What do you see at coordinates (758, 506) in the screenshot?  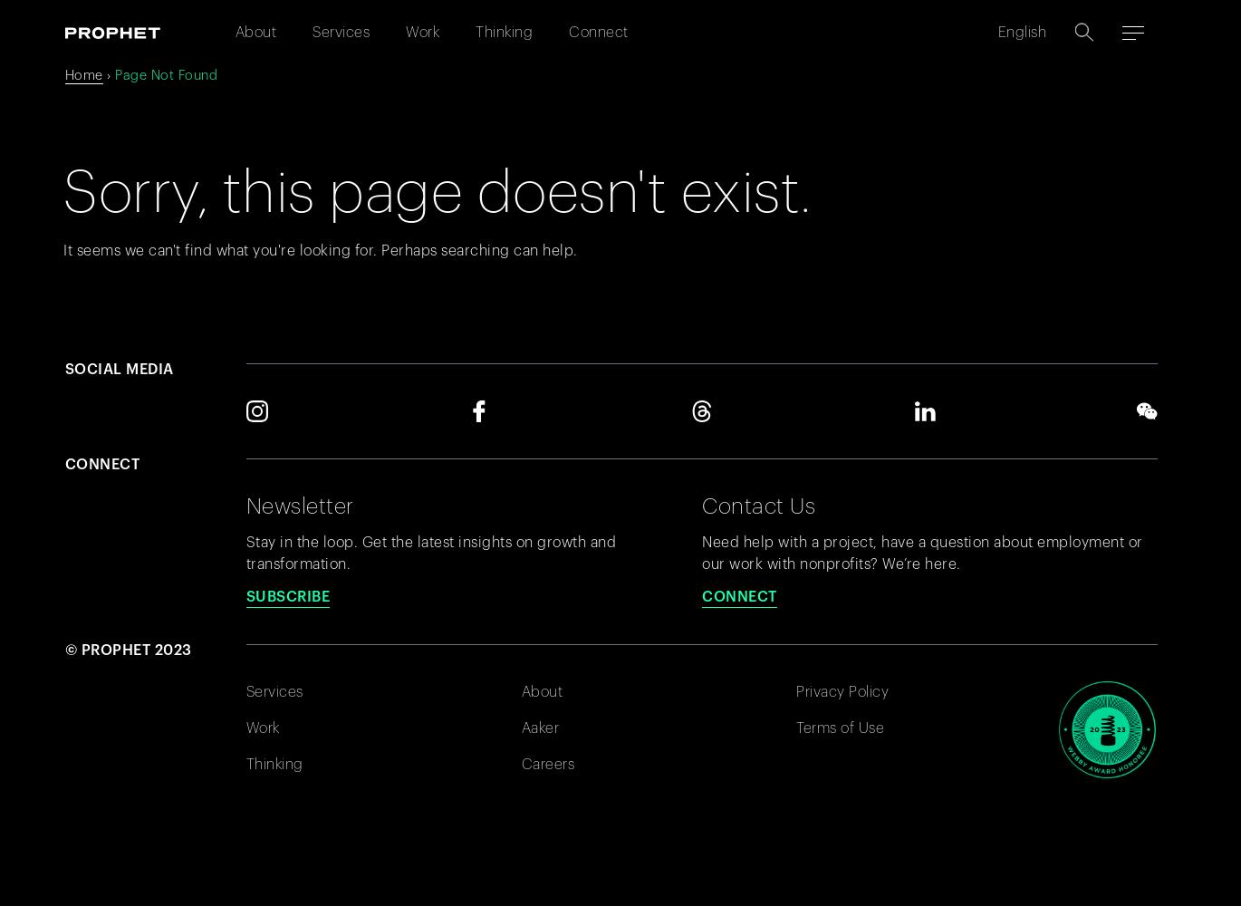 I see `'Contact Us'` at bounding box center [758, 506].